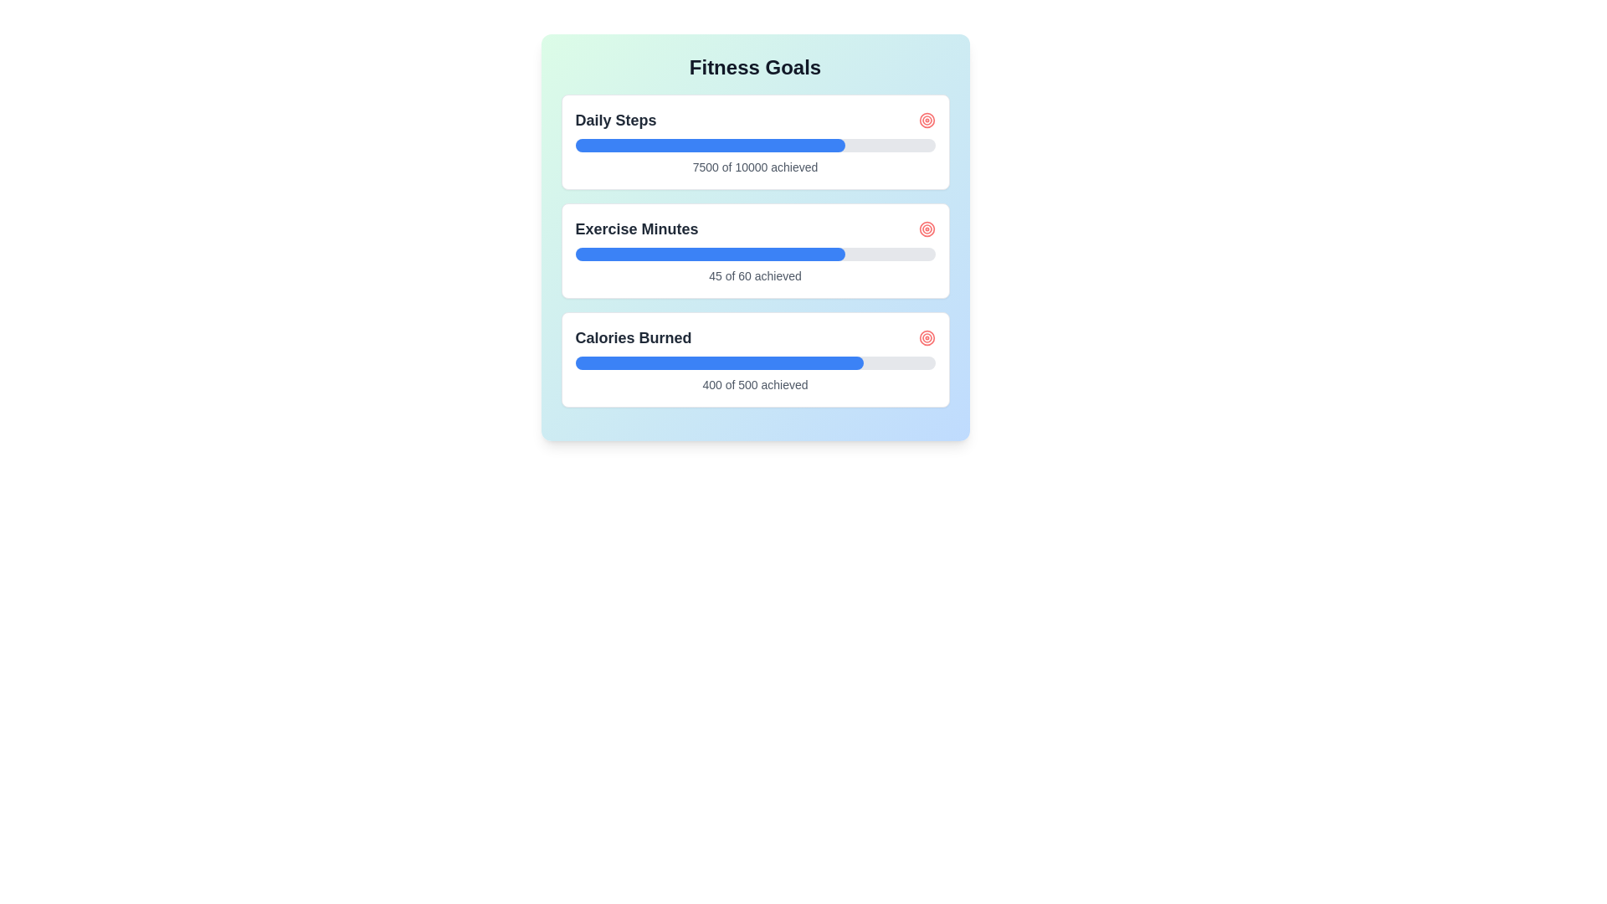 The image size is (1607, 904). I want to click on the Progress Bar visually located under the title 'Exercise Minutes' and above the text '45 of 60 achieved', so click(754, 254).